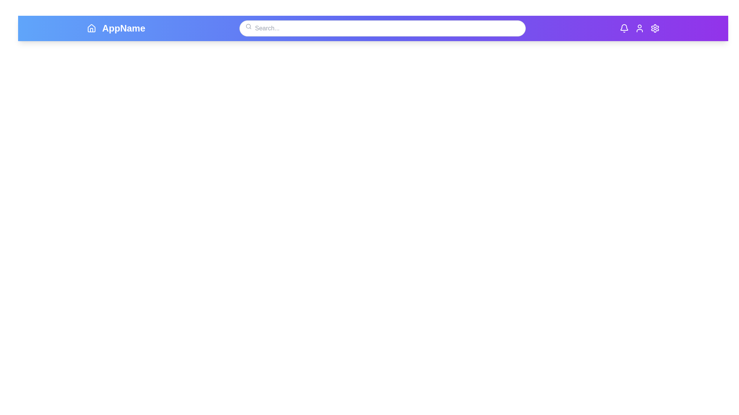 This screenshot has height=415, width=739. What do you see at coordinates (639, 28) in the screenshot?
I see `the User icon to navigate` at bounding box center [639, 28].